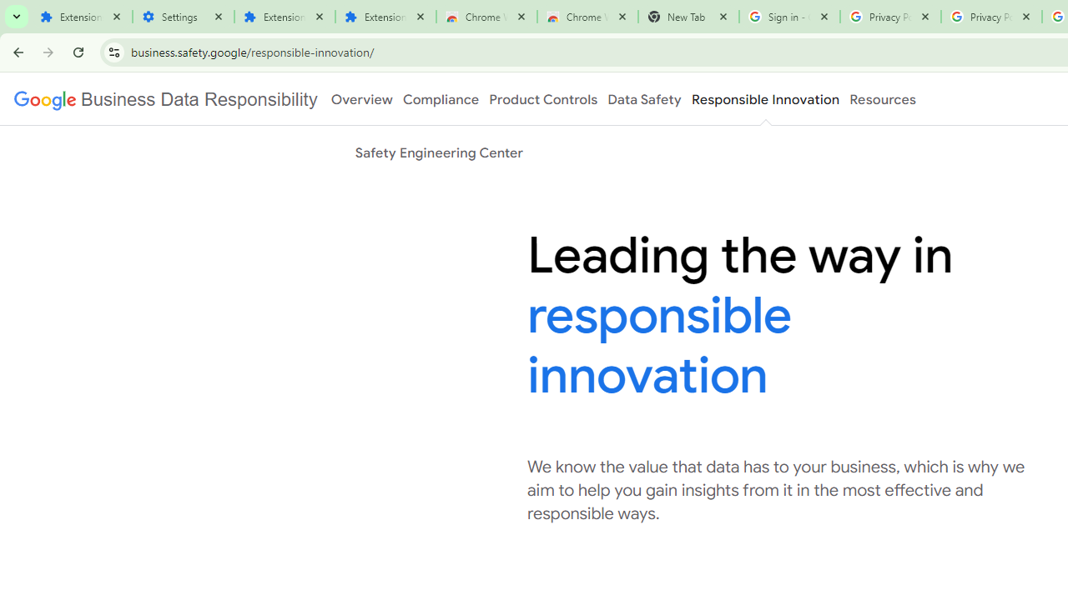 The height and width of the screenshot is (600, 1068). What do you see at coordinates (80, 17) in the screenshot?
I see `'Extensions'` at bounding box center [80, 17].